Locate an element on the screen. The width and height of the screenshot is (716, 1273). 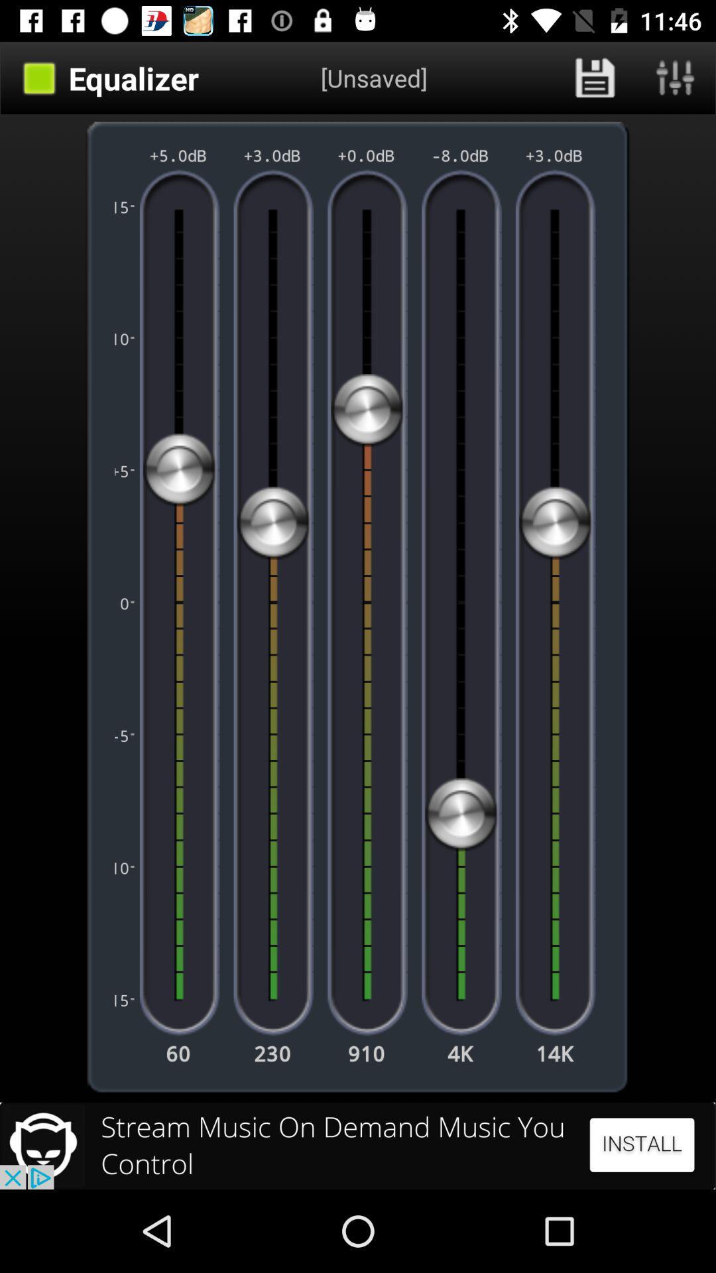
to display equalizer is located at coordinates (676, 78).